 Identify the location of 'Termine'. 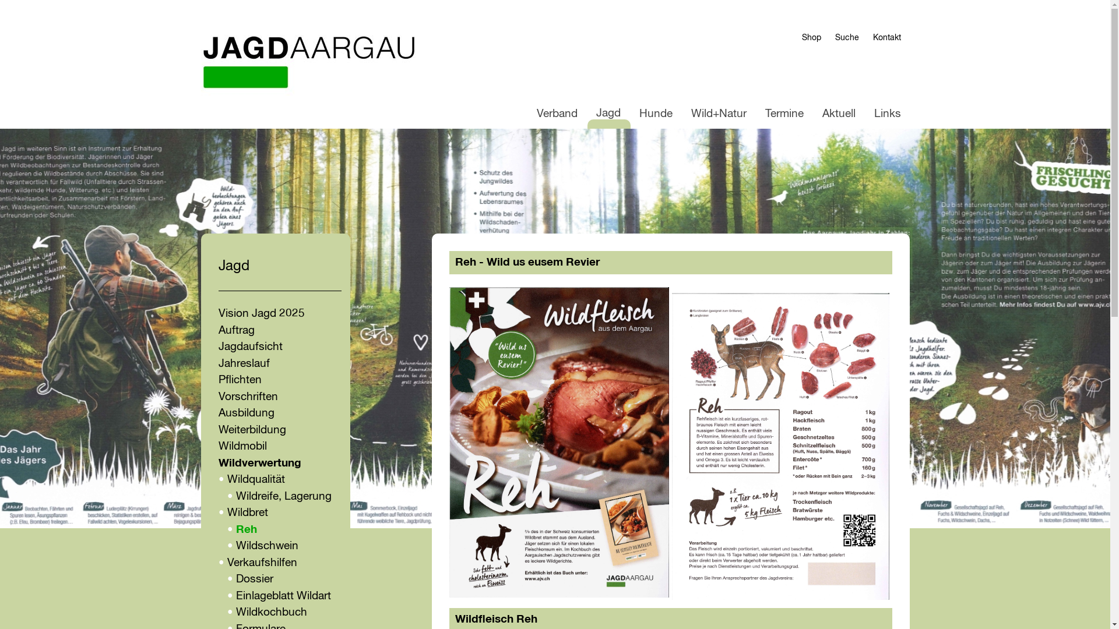
(784, 114).